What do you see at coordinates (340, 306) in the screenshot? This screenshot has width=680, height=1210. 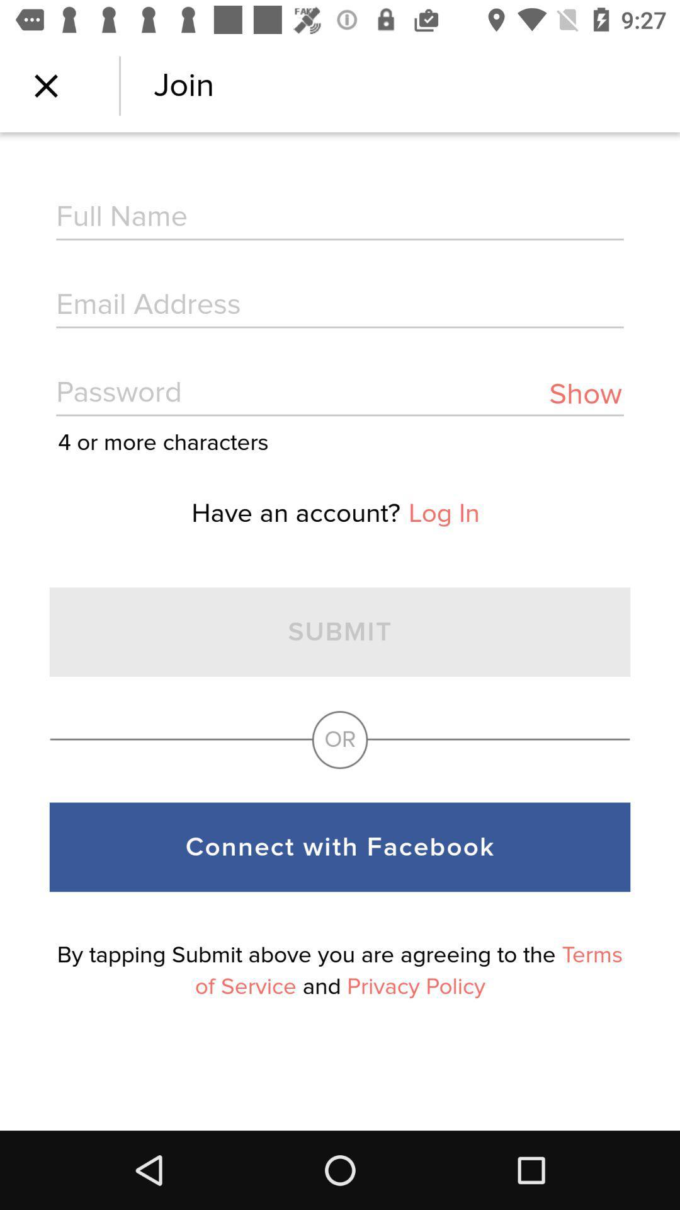 I see `the email address` at bounding box center [340, 306].